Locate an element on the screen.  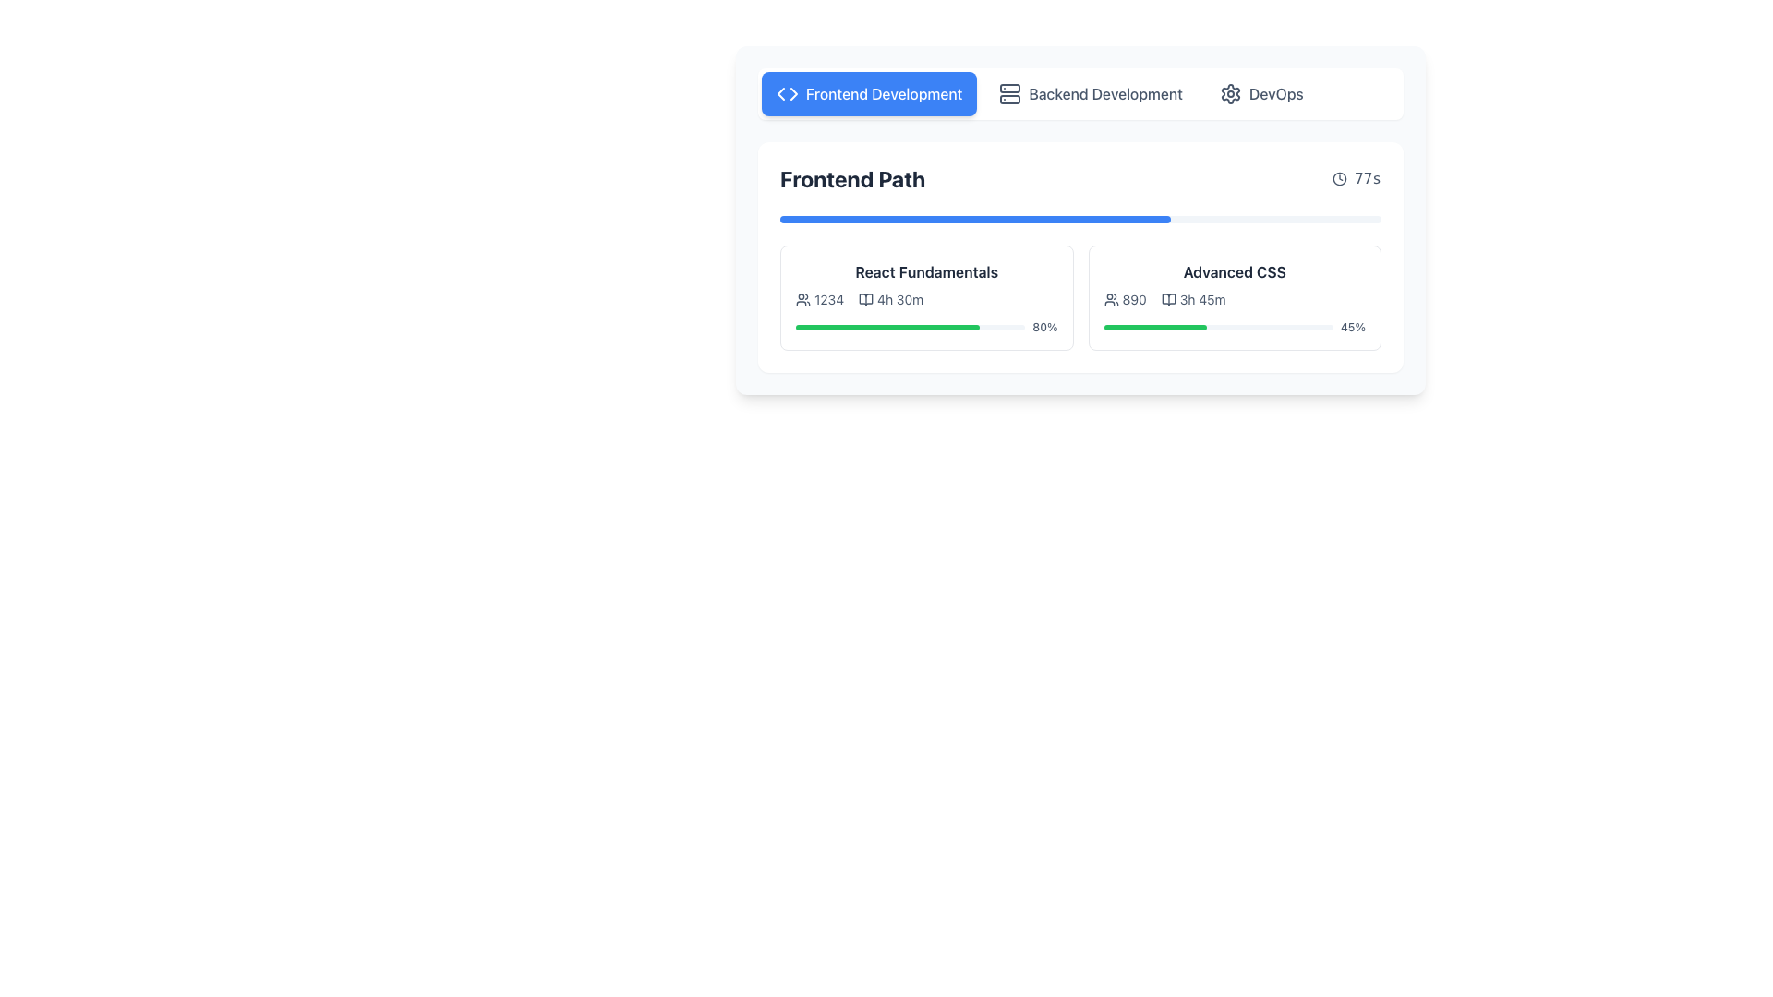
the 'Frontend Development' icon located to the left of the 'Frontend Development' button in the navigation bar is located at coordinates (788, 93).